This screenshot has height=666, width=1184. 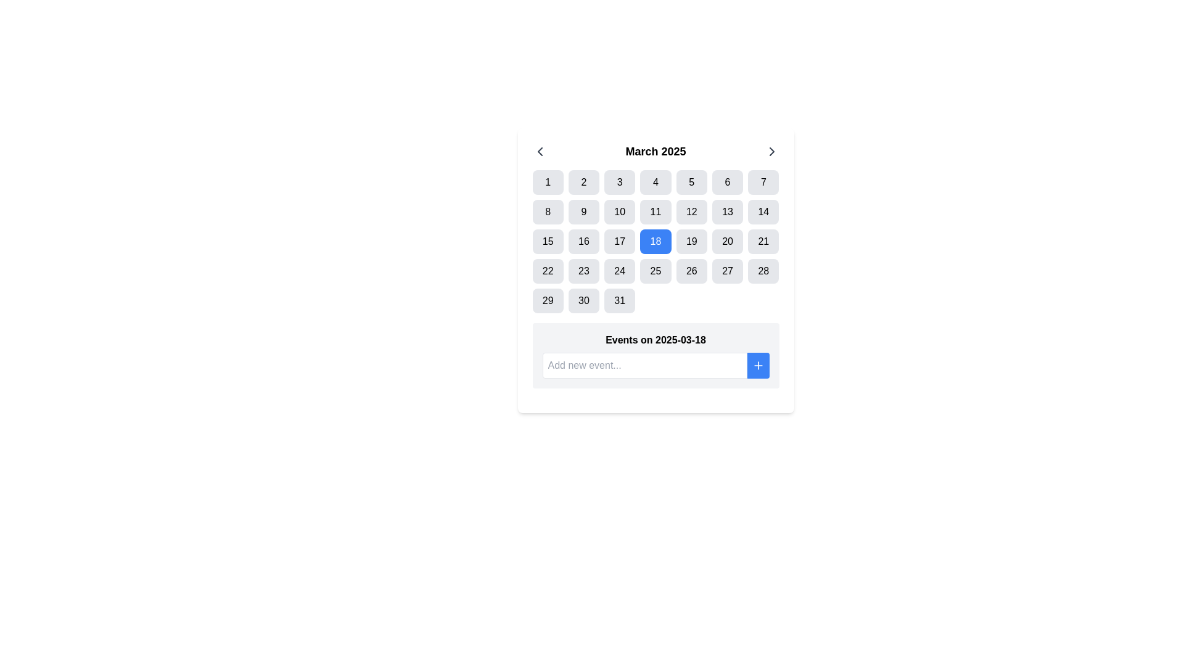 I want to click on the square-shaped button with rounded corners, styled in gray and containing the text '17', so click(x=620, y=242).